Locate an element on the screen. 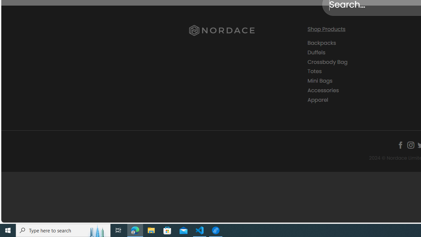  'Mini Bags' is located at coordinates (361, 81).